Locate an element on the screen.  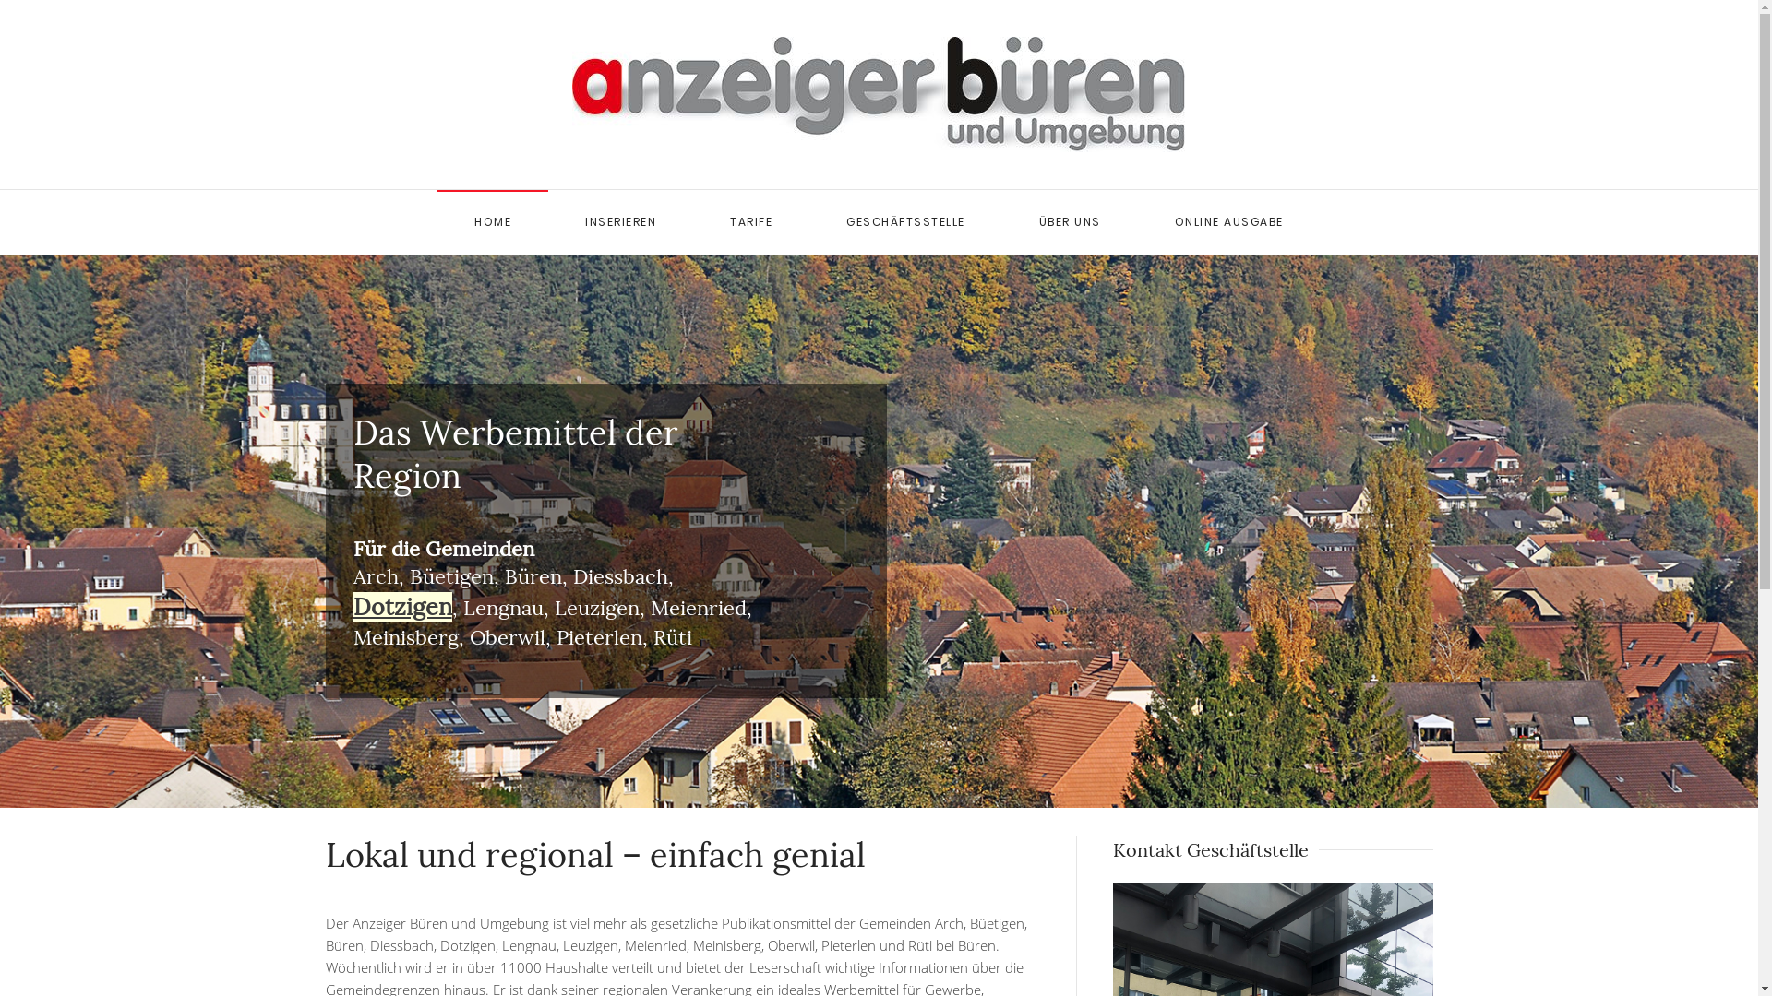
'INSERIEREN' is located at coordinates (620, 220).